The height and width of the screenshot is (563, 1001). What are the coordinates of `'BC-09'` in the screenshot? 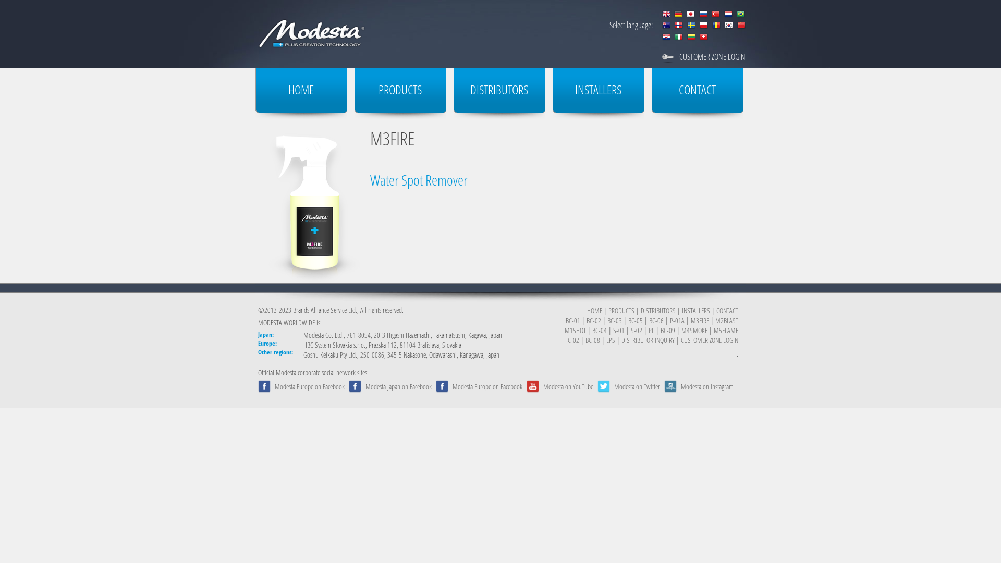 It's located at (668, 330).